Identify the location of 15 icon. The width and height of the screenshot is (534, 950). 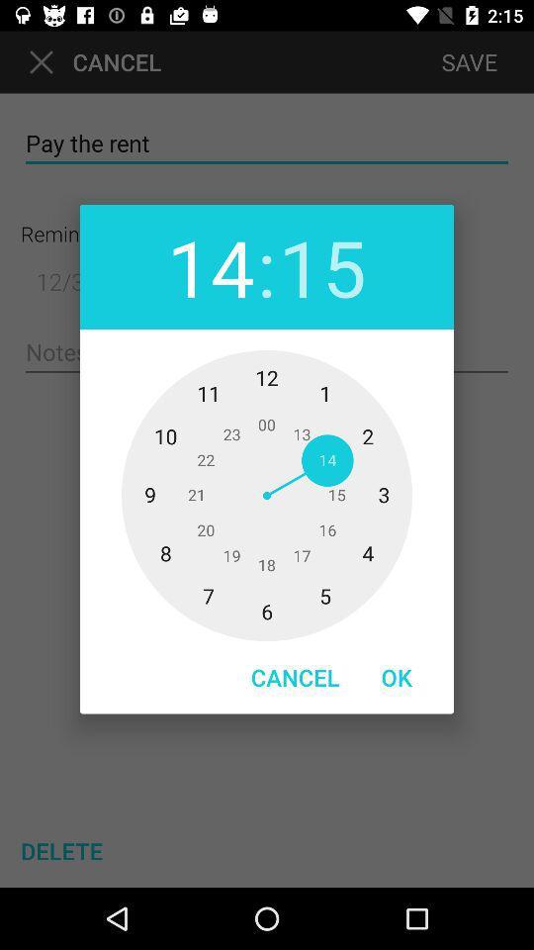
(322, 265).